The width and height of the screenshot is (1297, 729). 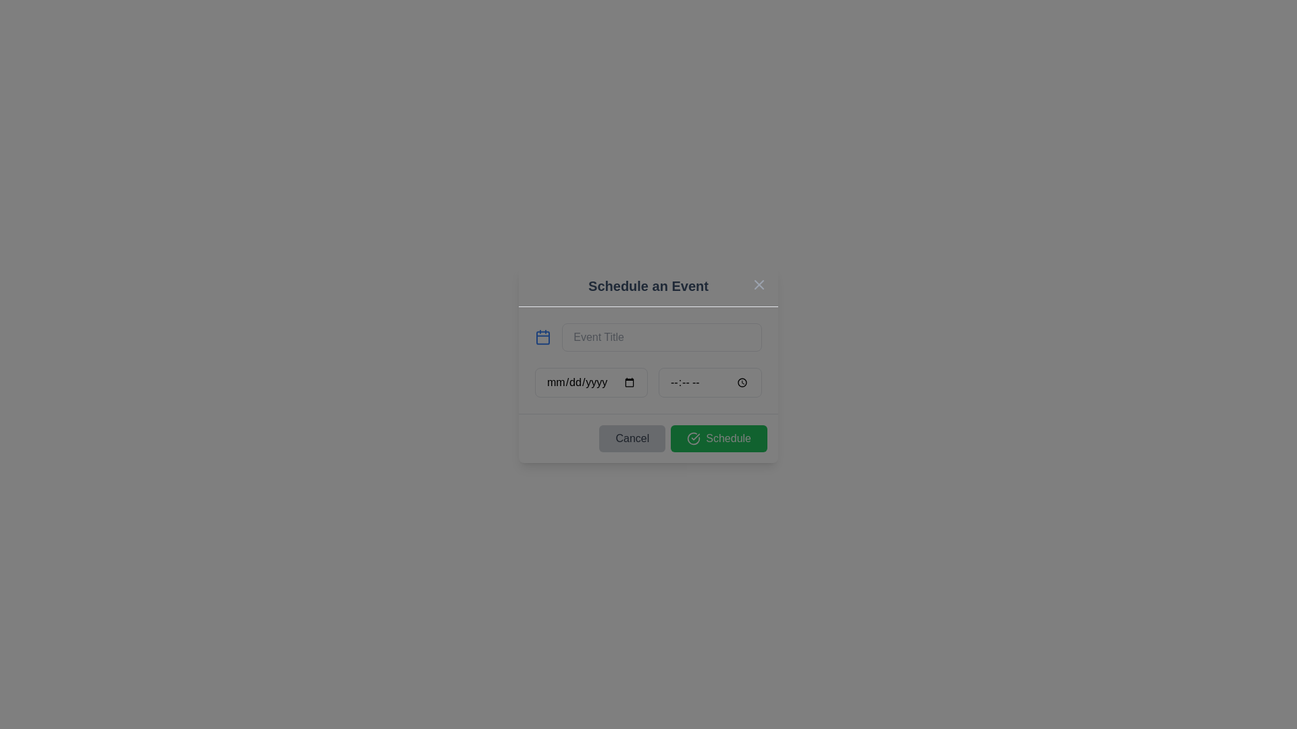 What do you see at coordinates (632, 439) in the screenshot?
I see `the 'Cancel' button, which is a light-gray rectangular button with dark-gray text, located towards the lower-right side of the modal interface` at bounding box center [632, 439].